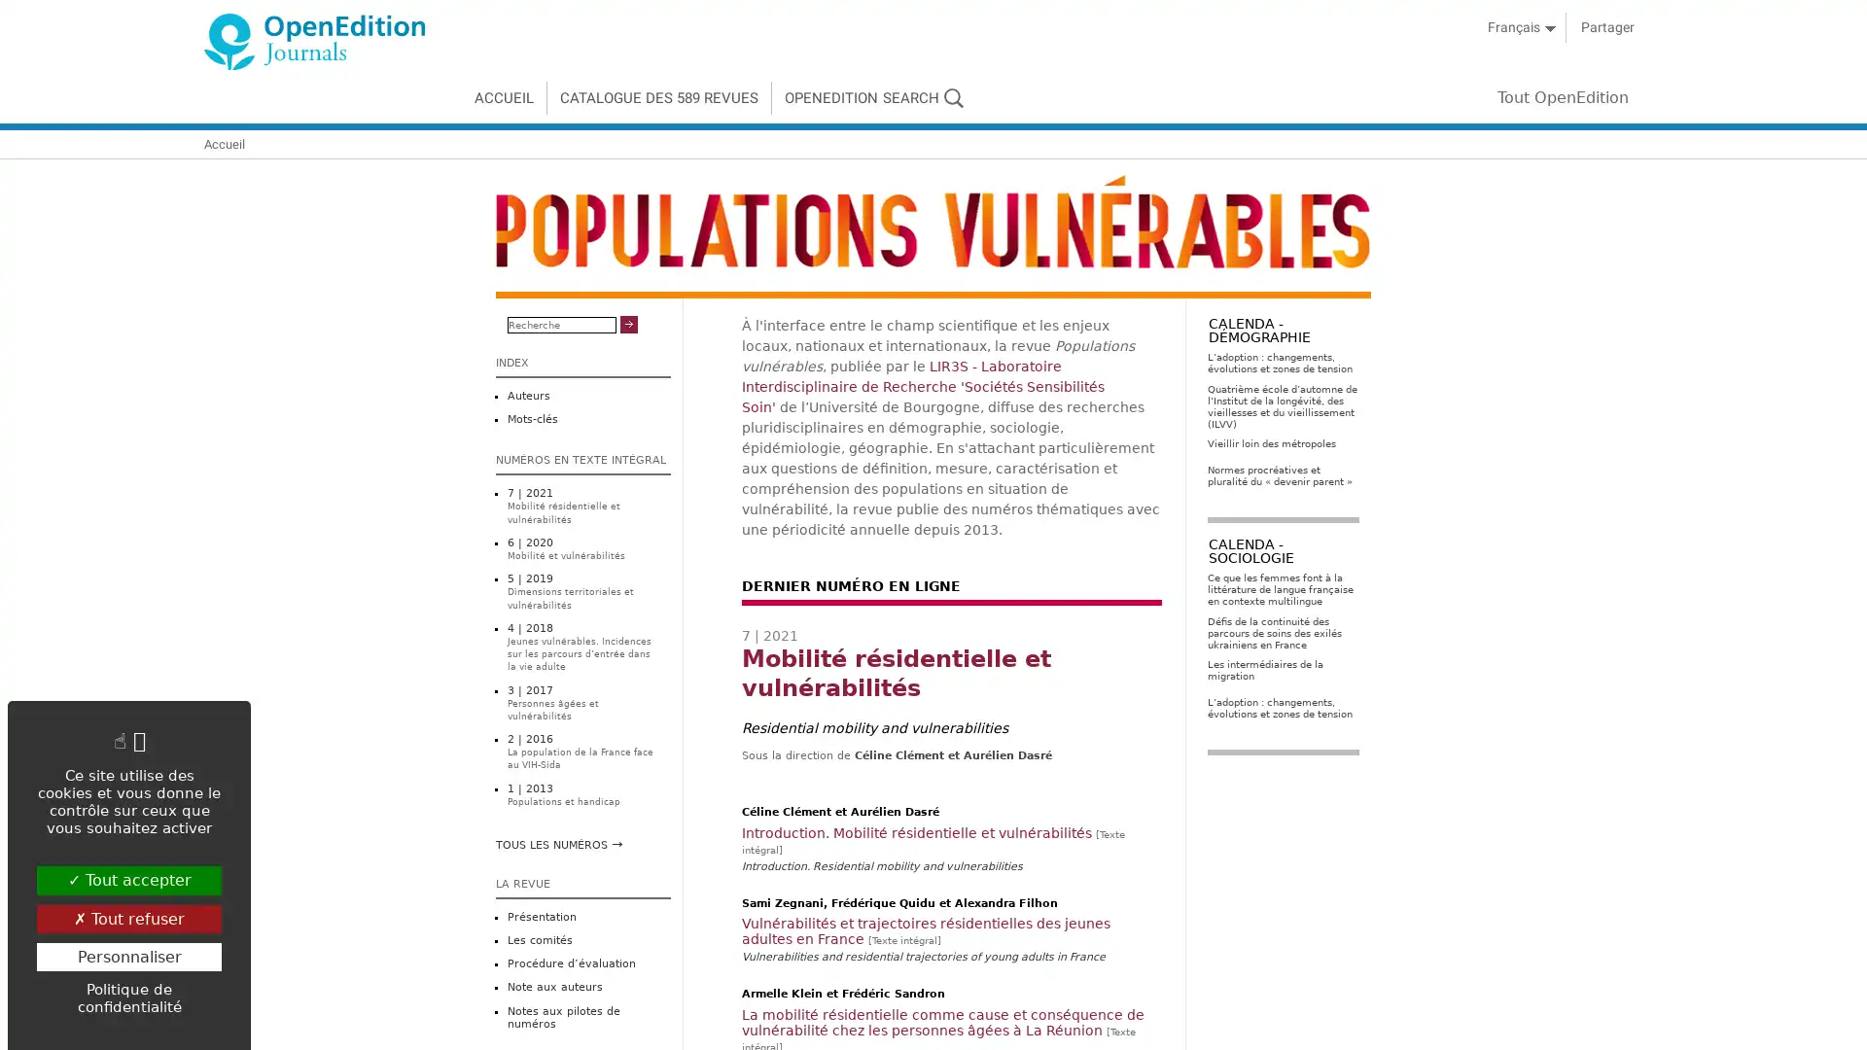 The image size is (1867, 1050). What do you see at coordinates (128, 918) in the screenshot?
I see `Tout refuser` at bounding box center [128, 918].